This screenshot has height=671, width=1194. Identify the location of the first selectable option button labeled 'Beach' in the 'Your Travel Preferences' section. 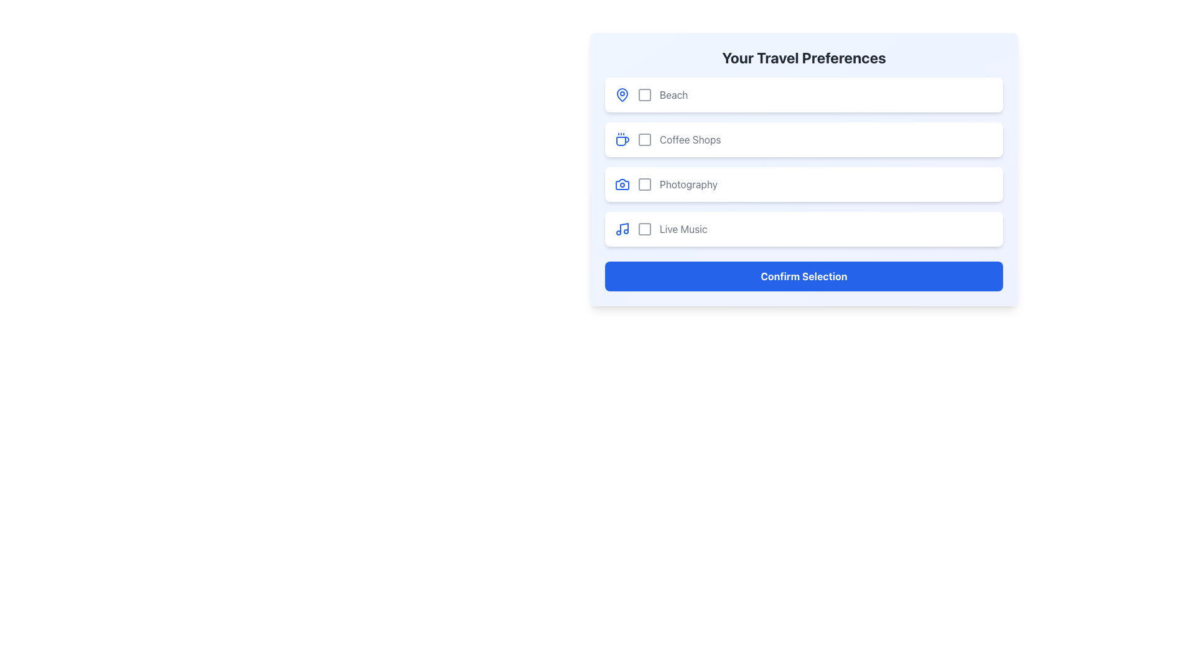
(803, 94).